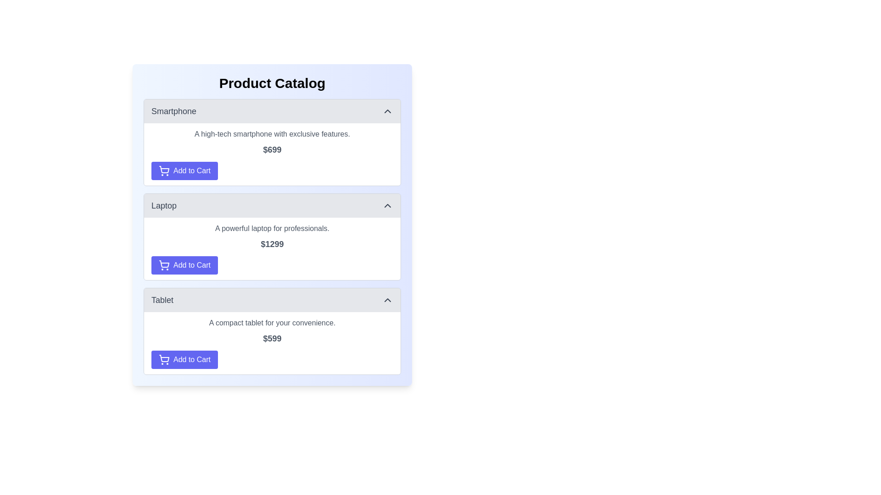 Image resolution: width=881 pixels, height=495 pixels. I want to click on text of the Text Label that serves as the heading for the product listing, titled 'Product Catalog', which is positioned at the very top of the section, so click(272, 83).